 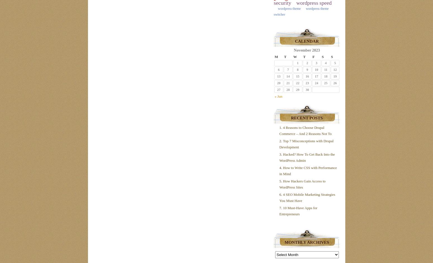 I want to click on '12', so click(x=335, y=69).